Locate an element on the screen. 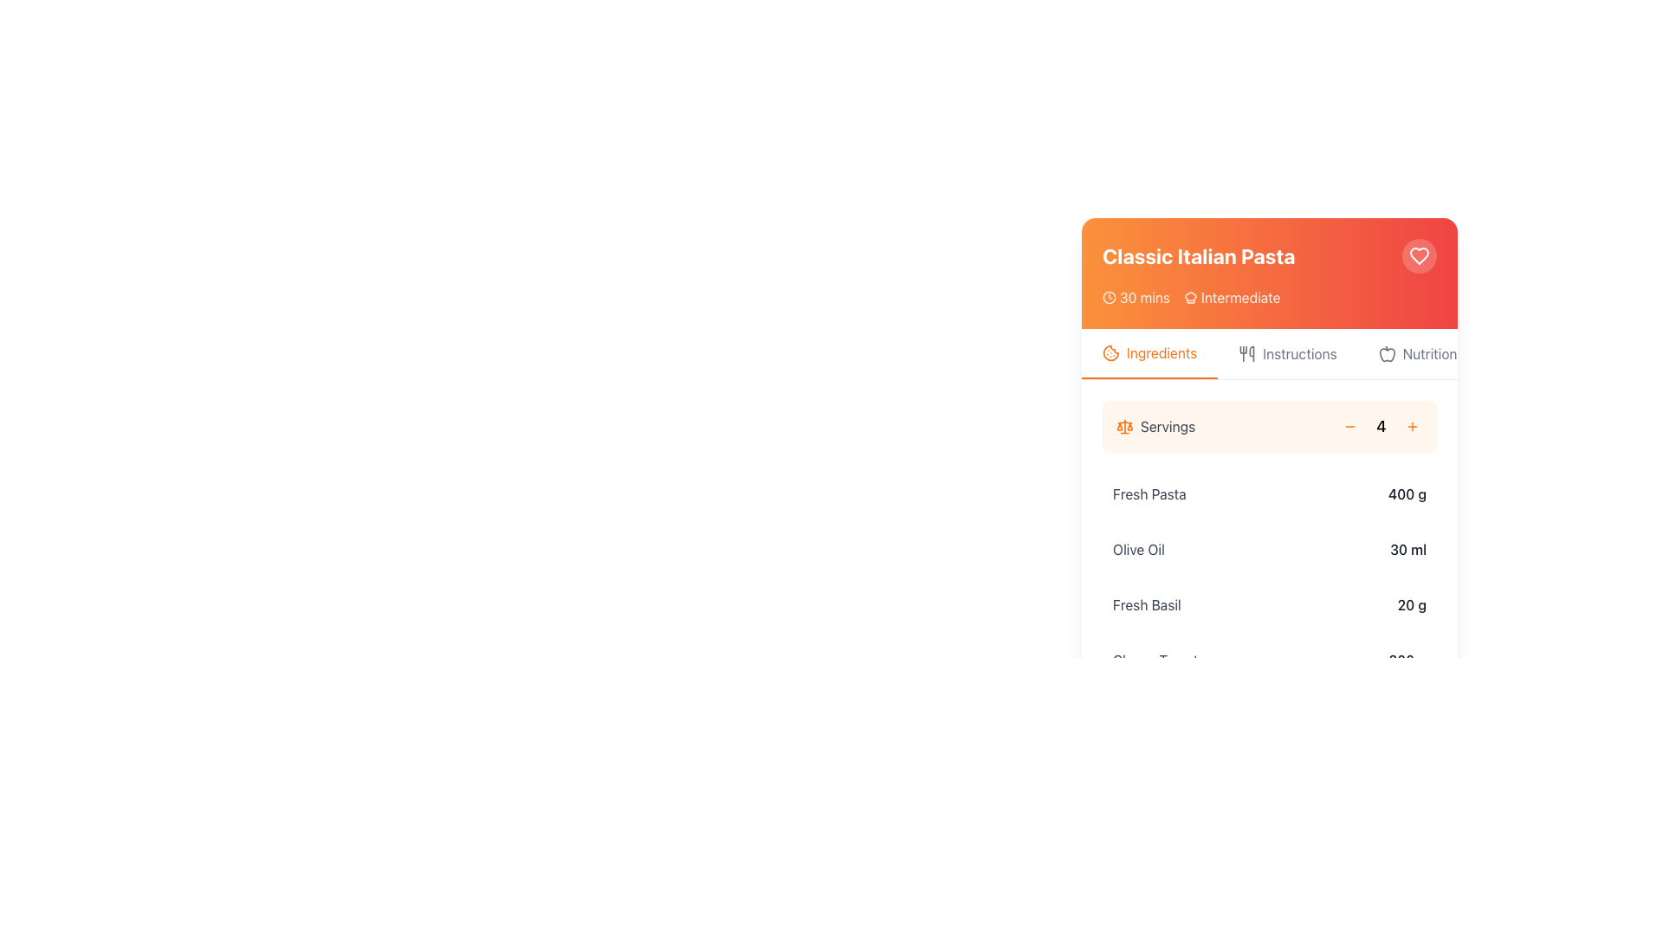 Image resolution: width=1663 pixels, height=935 pixels. the 'Intermediate' label, which is styled in white font against an orange gradient background, located in the top section of the panel next to a clock icon and under the 'Classic Italian Pasta' heading is located at coordinates (1239, 296).